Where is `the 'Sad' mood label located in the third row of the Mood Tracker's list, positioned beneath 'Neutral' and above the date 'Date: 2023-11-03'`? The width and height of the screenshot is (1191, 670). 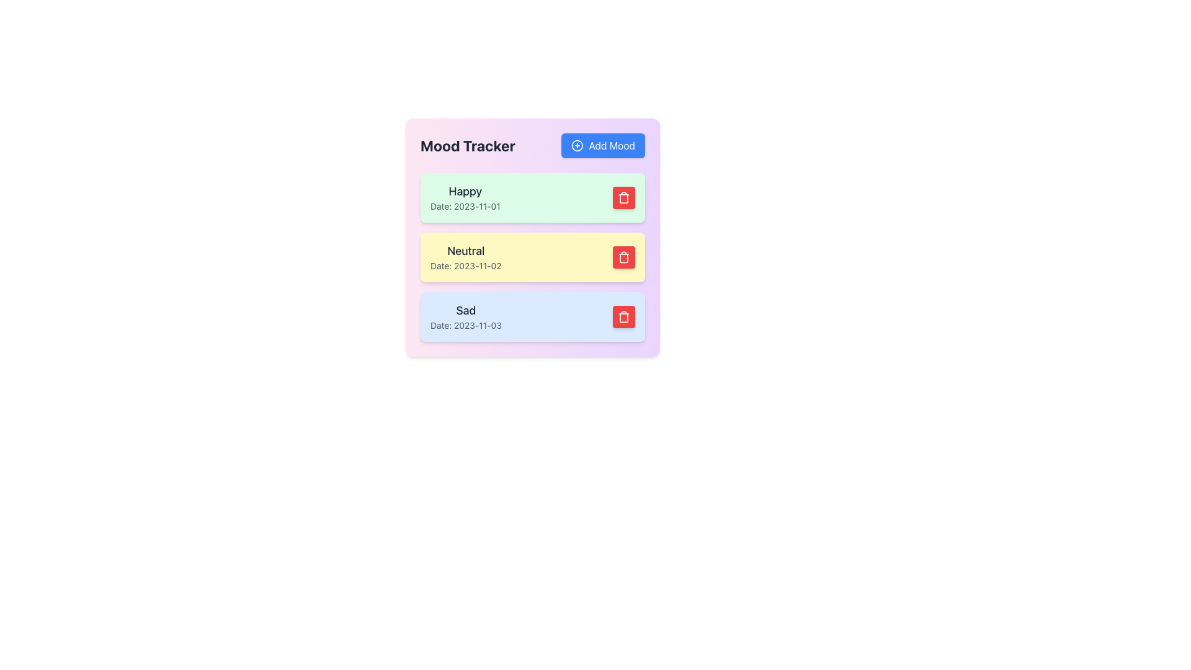
the 'Sad' mood label located in the third row of the Mood Tracker's list, positioned beneath 'Neutral' and above the date 'Date: 2023-11-03' is located at coordinates (465, 310).